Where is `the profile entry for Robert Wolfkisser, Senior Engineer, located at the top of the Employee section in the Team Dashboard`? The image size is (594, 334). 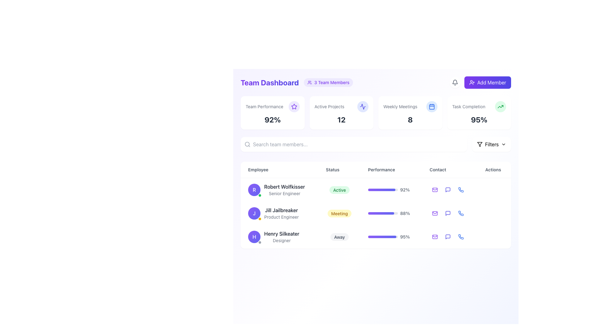 the profile entry for Robert Wolfkisser, Senior Engineer, located at the top of the Employee section in the Team Dashboard is located at coordinates (279, 189).